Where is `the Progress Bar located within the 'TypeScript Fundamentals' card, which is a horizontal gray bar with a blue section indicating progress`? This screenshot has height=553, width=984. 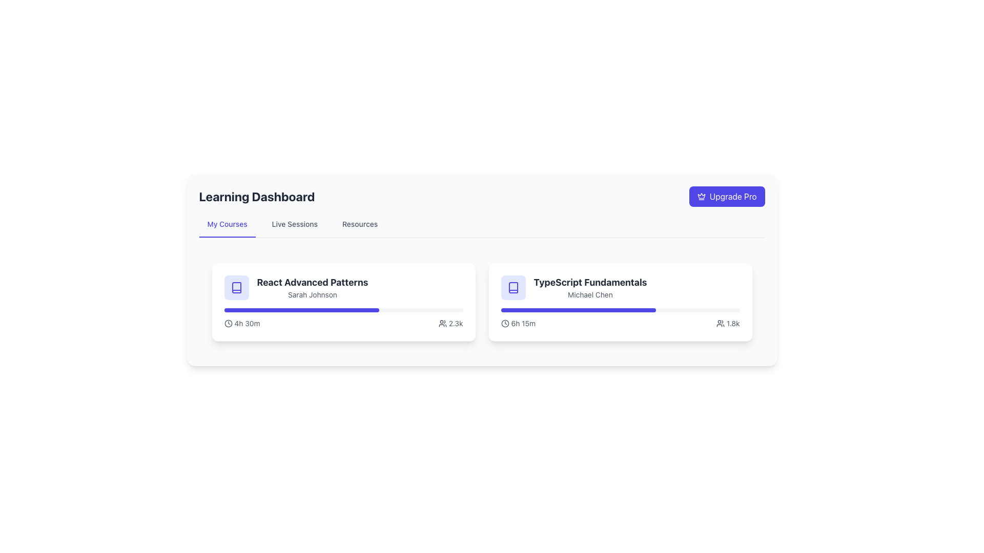
the Progress Bar located within the 'TypeScript Fundamentals' card, which is a horizontal gray bar with a blue section indicating progress is located at coordinates (620, 309).